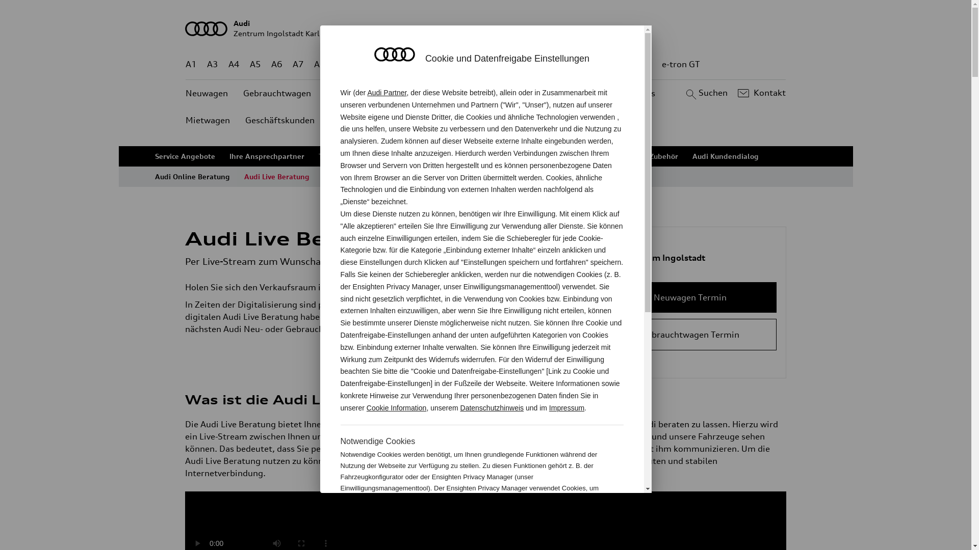 This screenshot has width=979, height=550. What do you see at coordinates (367, 92) in the screenshot?
I see `'Audi Partner'` at bounding box center [367, 92].